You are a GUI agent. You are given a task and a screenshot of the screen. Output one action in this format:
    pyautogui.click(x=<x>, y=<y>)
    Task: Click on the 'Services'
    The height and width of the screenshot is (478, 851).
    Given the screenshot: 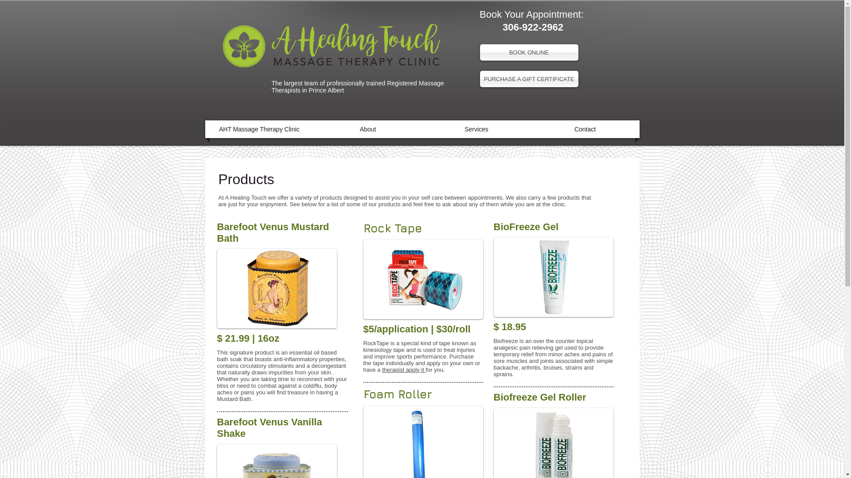 What is the action you would take?
    pyautogui.click(x=476, y=129)
    